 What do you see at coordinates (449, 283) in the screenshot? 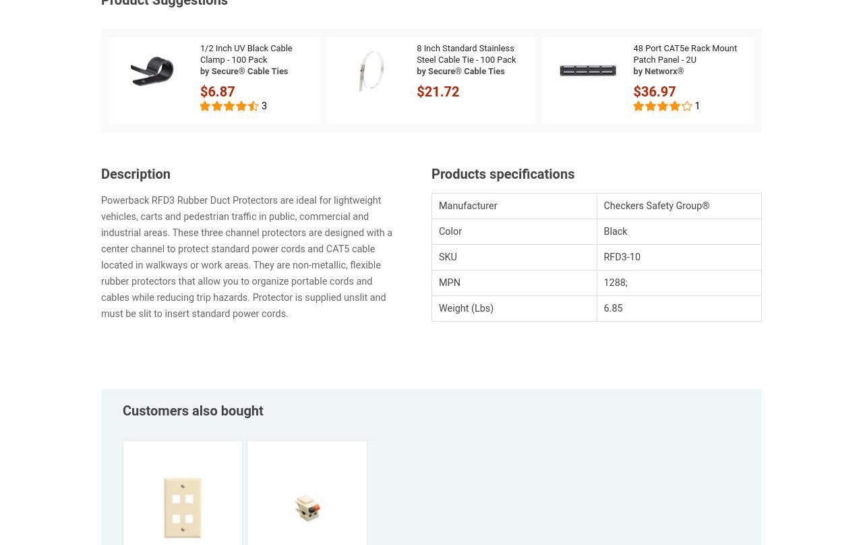
I see `'MPN'` at bounding box center [449, 283].